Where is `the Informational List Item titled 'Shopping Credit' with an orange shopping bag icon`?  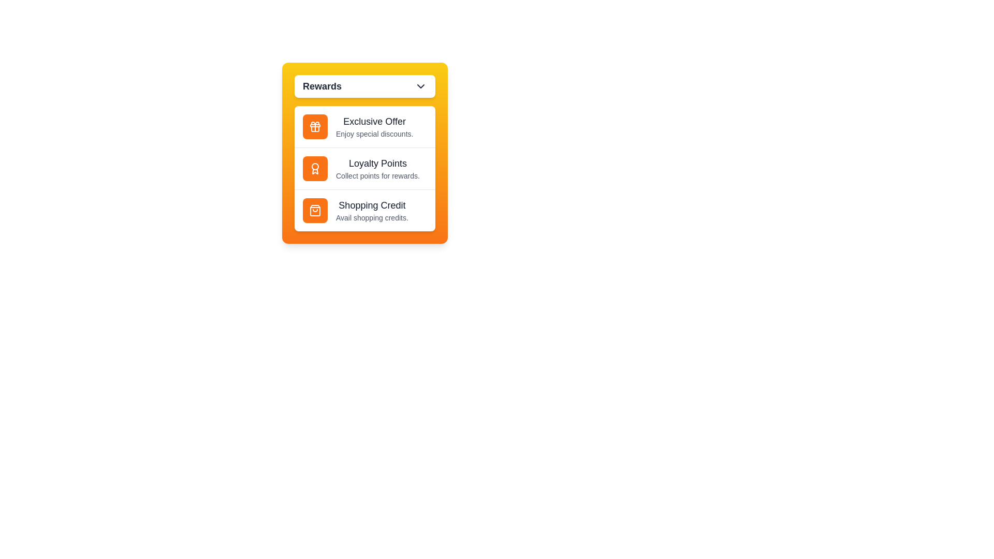 the Informational List Item titled 'Shopping Credit' with an orange shopping bag icon is located at coordinates (365, 210).